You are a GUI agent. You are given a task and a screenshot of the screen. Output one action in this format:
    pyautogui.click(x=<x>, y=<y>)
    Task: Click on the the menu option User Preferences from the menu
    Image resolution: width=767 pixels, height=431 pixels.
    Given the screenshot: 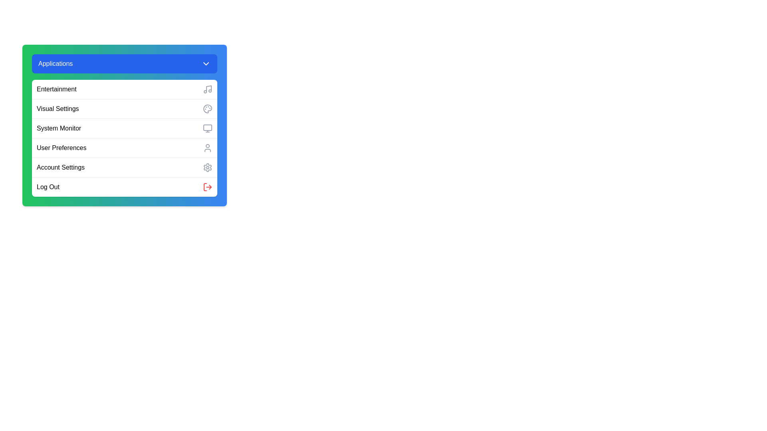 What is the action you would take?
    pyautogui.click(x=124, y=148)
    